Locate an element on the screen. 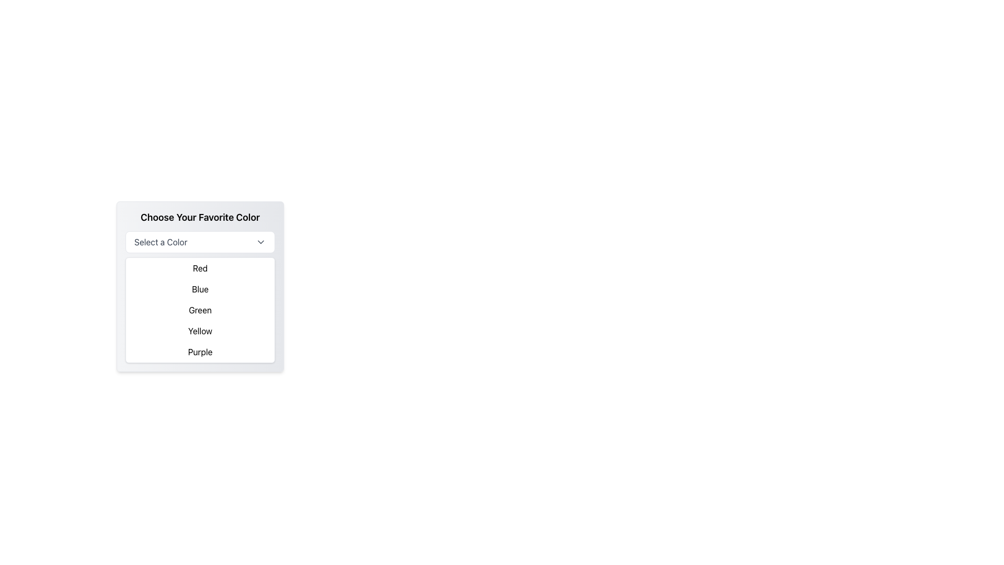  the text label inside the dropdown menu that guides the user to make a color selection, located adjacent to the chevron-down icon is located at coordinates (160, 242).